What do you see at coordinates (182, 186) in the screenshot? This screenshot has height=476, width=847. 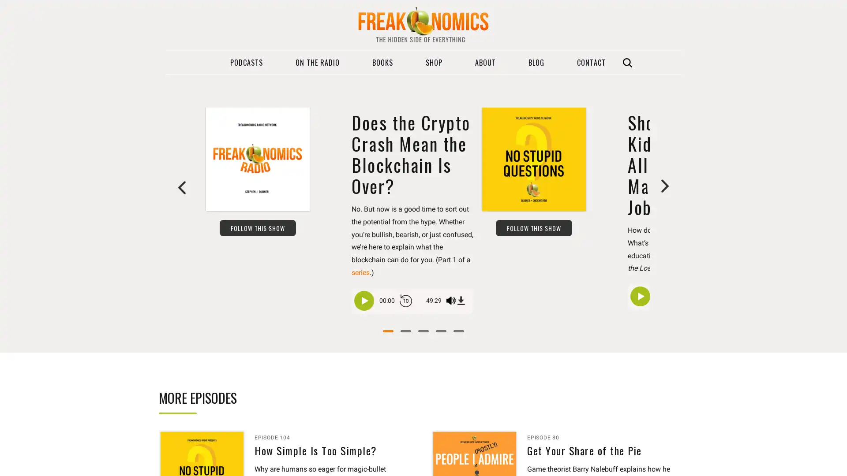 I see `Previous` at bounding box center [182, 186].